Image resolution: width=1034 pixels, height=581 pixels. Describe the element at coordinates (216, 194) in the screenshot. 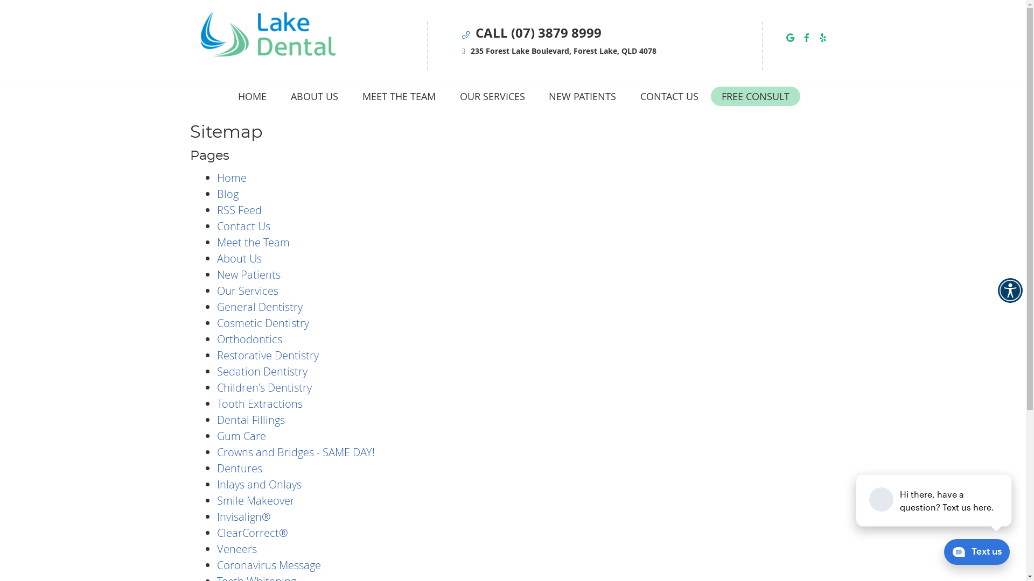

I see `'Blog'` at that location.